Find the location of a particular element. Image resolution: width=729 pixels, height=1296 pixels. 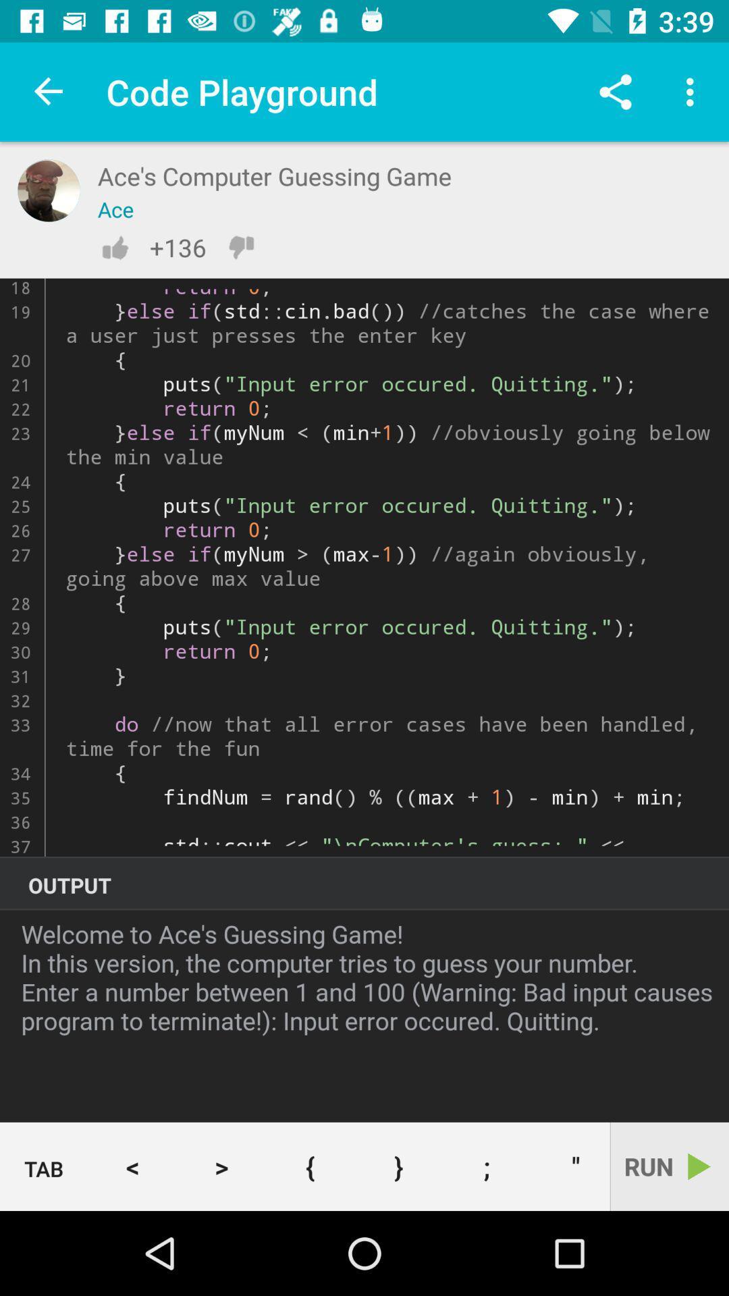

dislike the article is located at coordinates (240, 247).